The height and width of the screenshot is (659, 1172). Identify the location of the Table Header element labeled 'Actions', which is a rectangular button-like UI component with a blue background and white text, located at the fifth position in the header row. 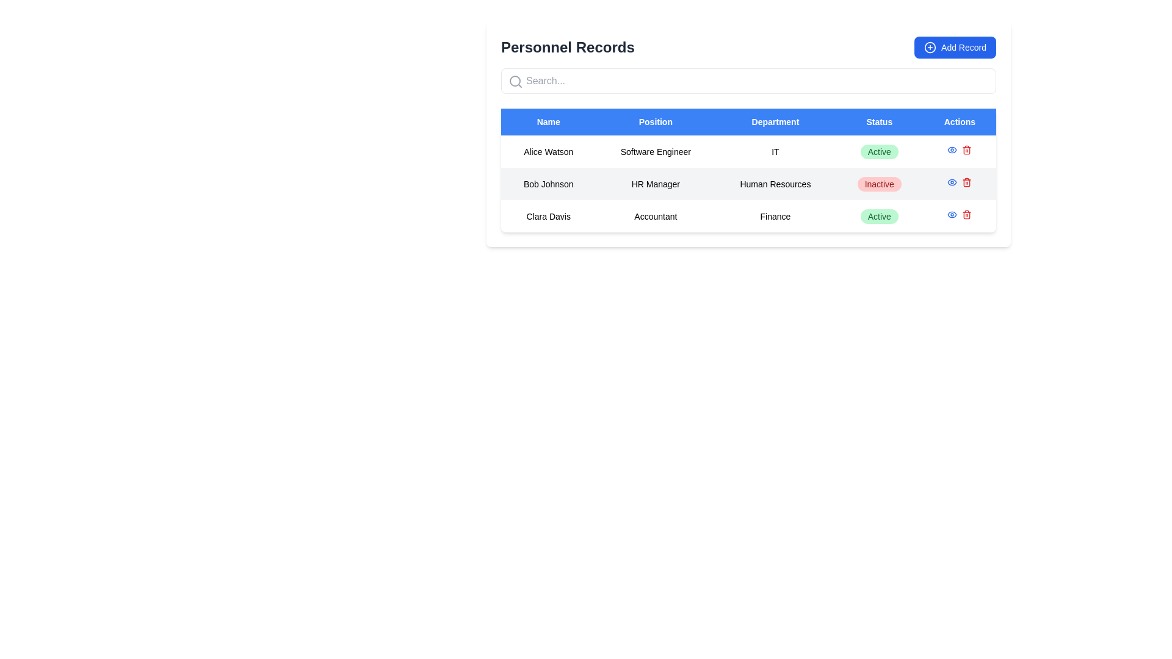
(959, 122).